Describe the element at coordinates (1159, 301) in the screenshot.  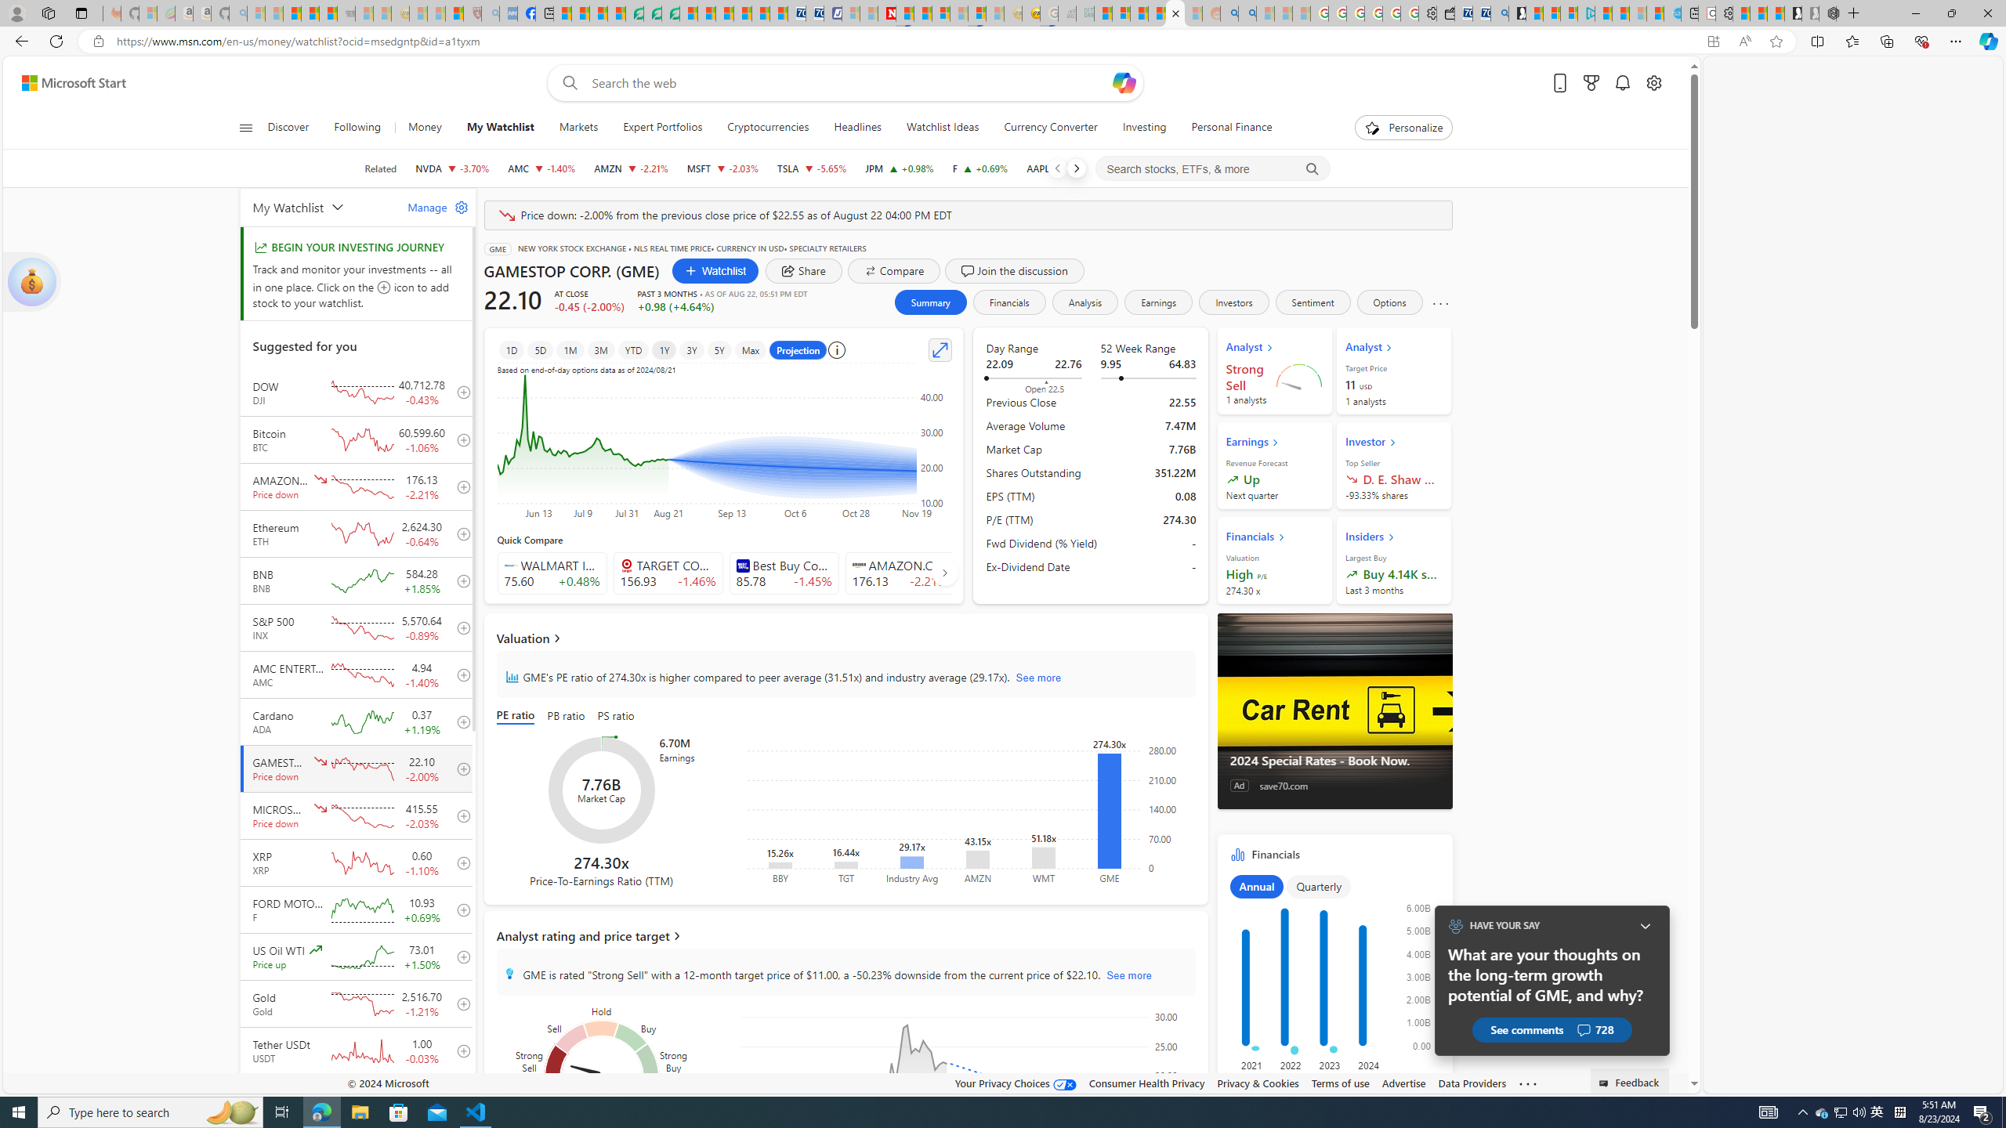
I see `'Earnings'` at that location.